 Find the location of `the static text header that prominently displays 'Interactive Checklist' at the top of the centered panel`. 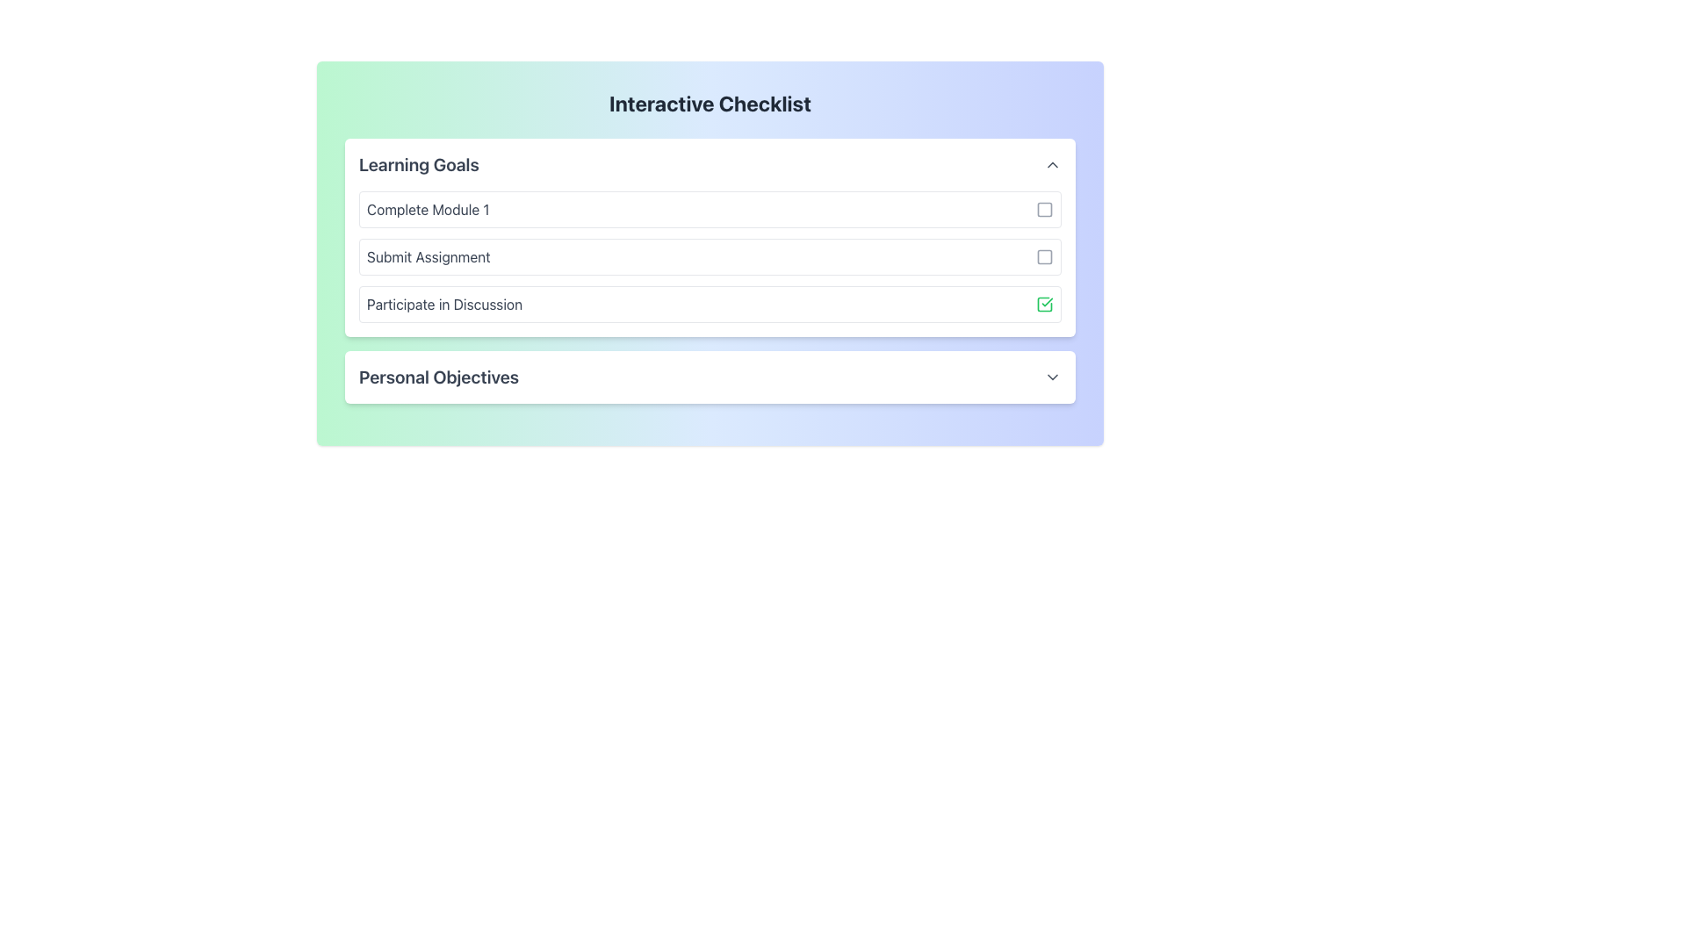

the static text header that prominently displays 'Interactive Checklist' at the top of the centered panel is located at coordinates (710, 104).